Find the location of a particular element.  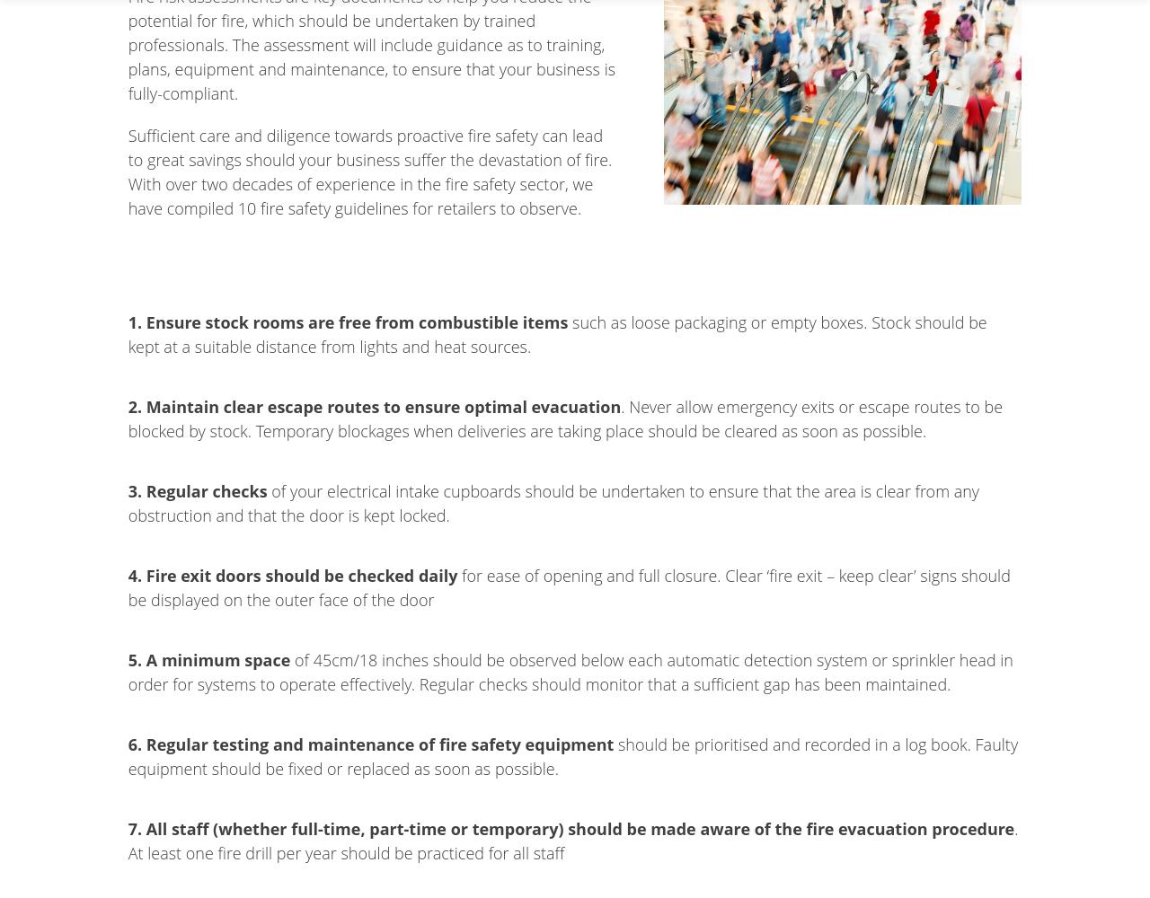

'3. Regular checks' is located at coordinates (197, 490).